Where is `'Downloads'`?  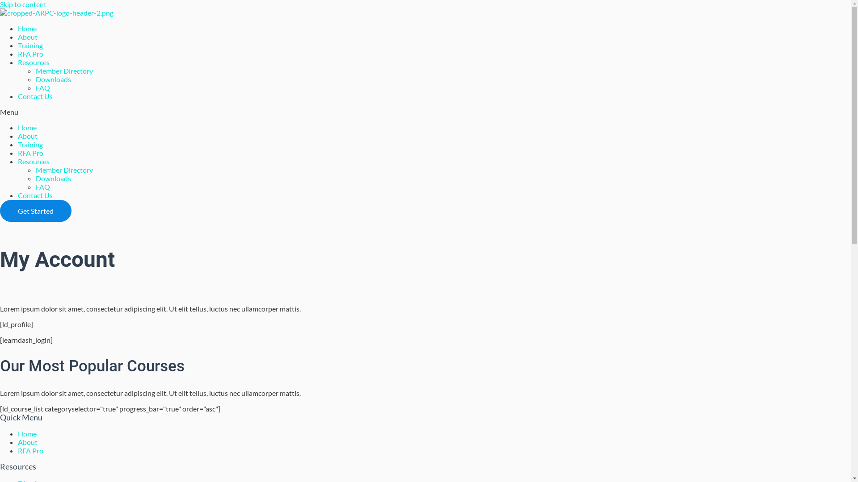
'Downloads' is located at coordinates (53, 79).